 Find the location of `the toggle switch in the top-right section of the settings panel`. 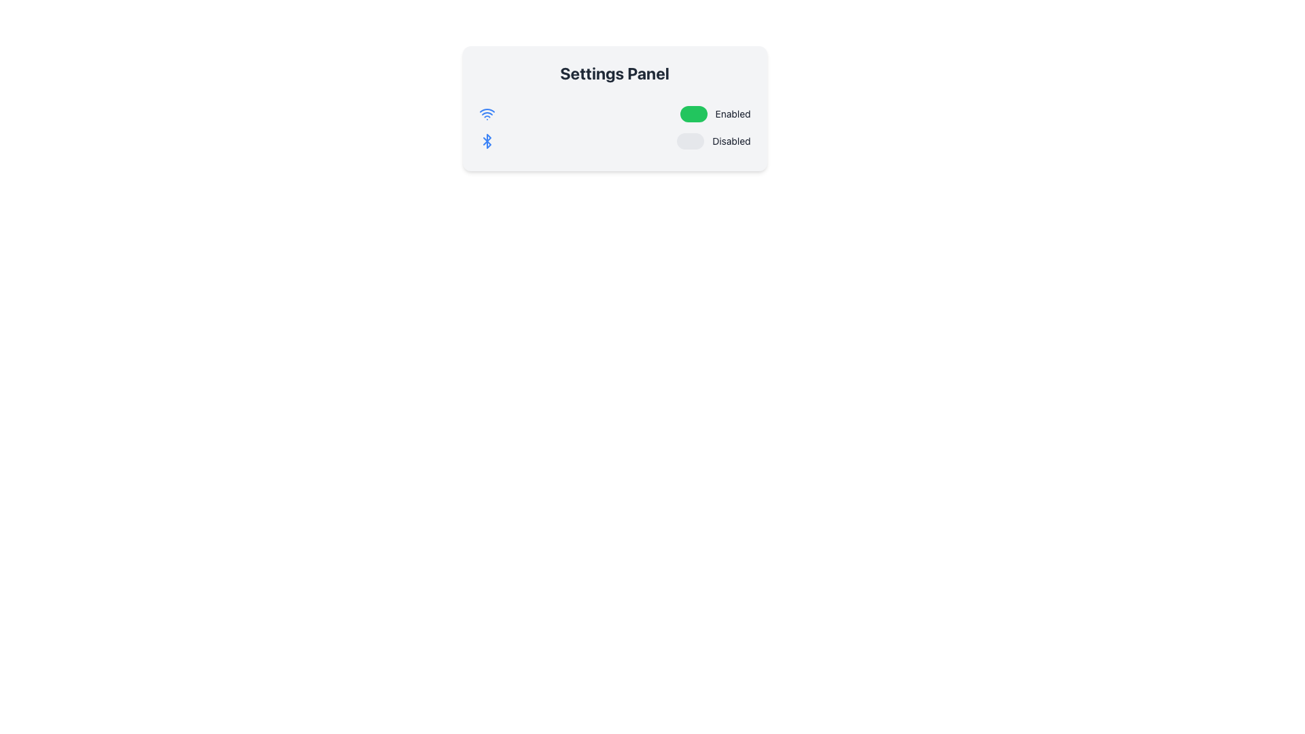

the toggle switch in the top-right section of the settings panel is located at coordinates (714, 113).